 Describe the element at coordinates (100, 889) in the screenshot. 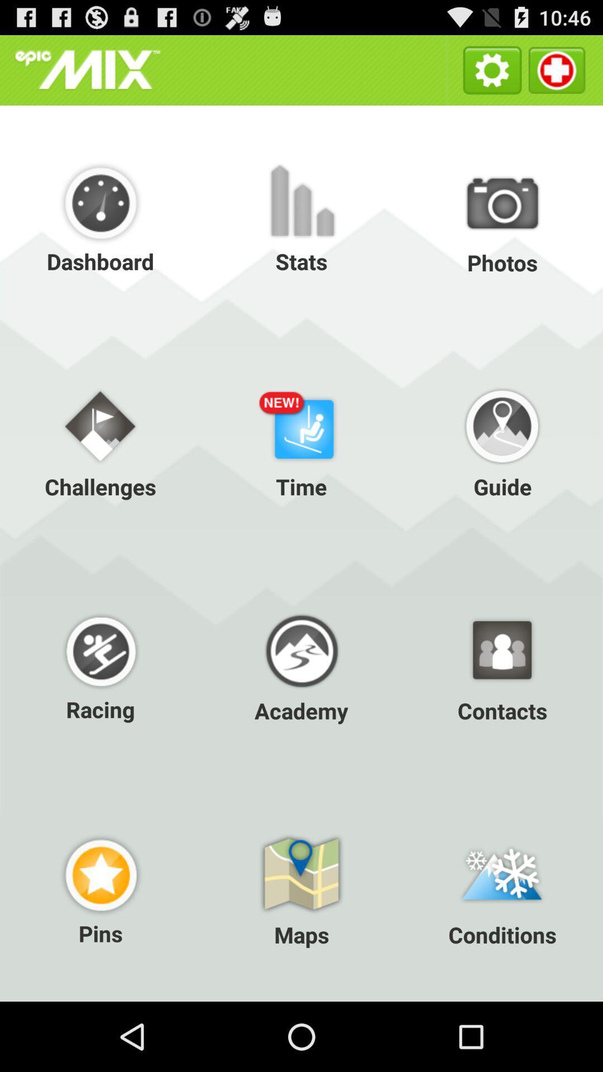

I see `icon at the bottom left corner` at that location.